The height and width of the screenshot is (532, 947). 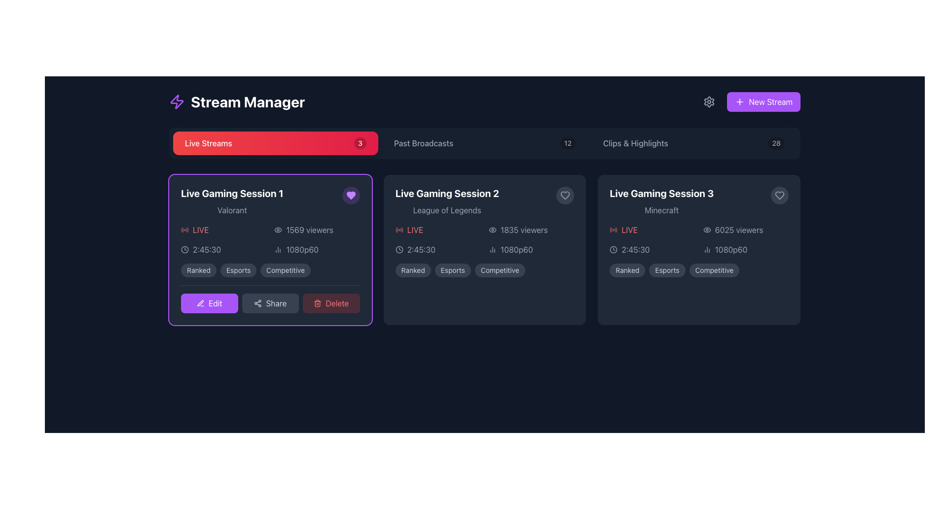 I want to click on the 'Live' text label indicating the current live status within the 'Live Gaming Session 2' card, located adjacent to a red icon, so click(x=415, y=230).